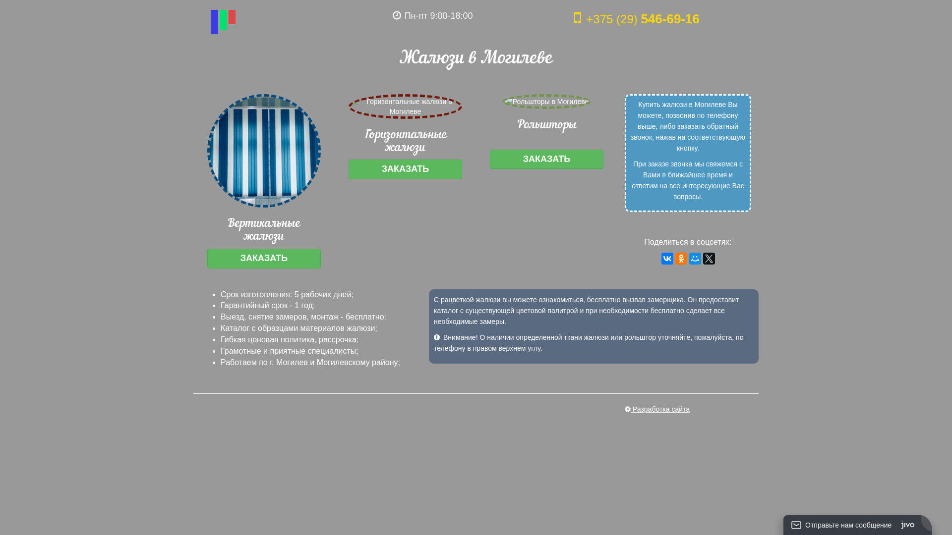  Describe the element at coordinates (709, 258) in the screenshot. I see `'Twitter'` at that location.